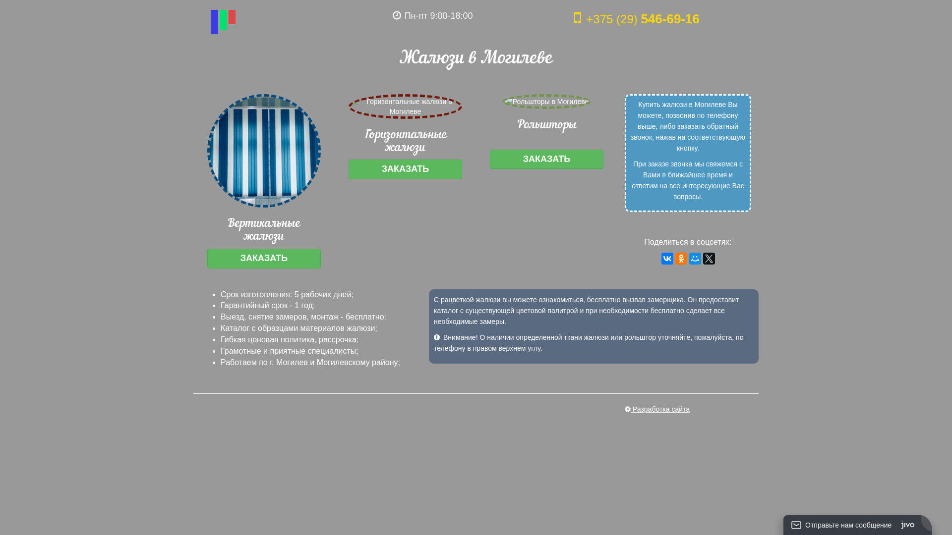  Describe the element at coordinates (709, 258) in the screenshot. I see `'Twitter'` at that location.